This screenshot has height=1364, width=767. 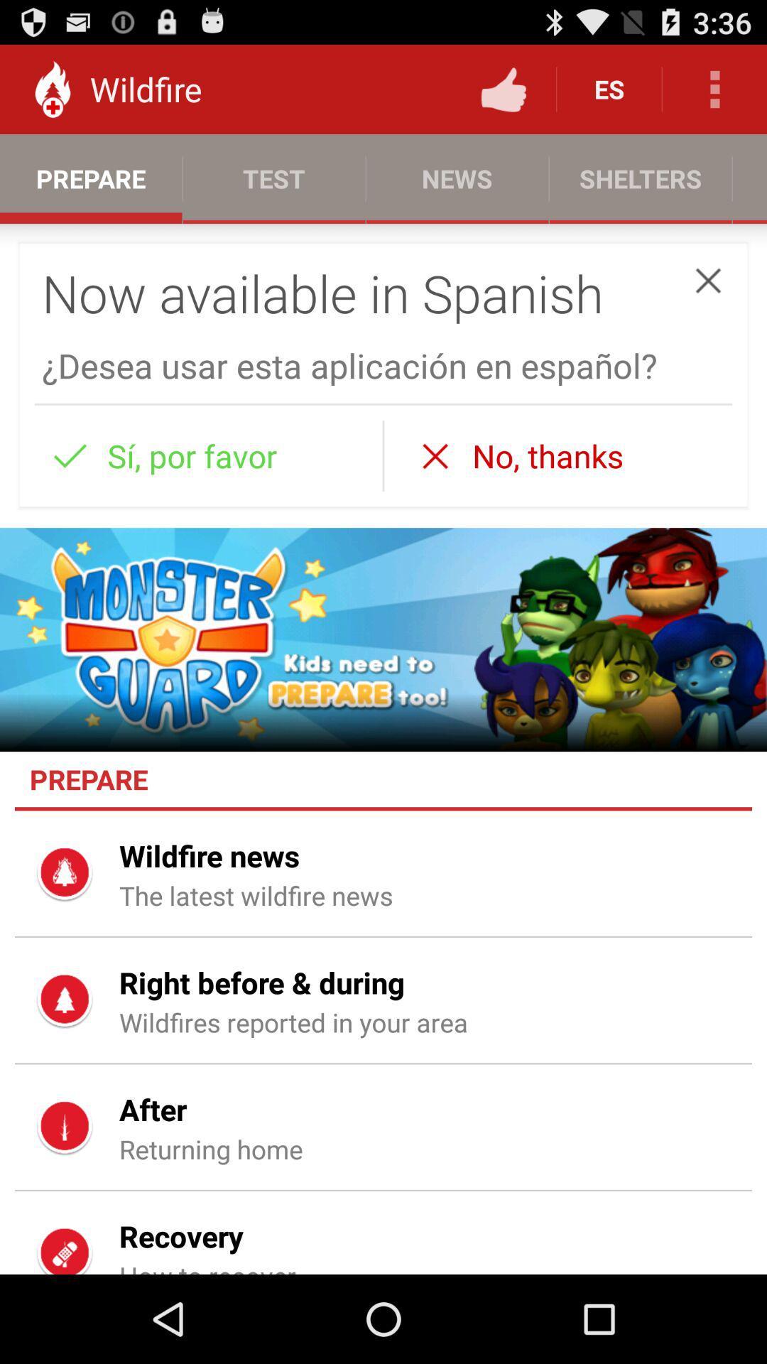 What do you see at coordinates (708, 281) in the screenshot?
I see `button` at bounding box center [708, 281].